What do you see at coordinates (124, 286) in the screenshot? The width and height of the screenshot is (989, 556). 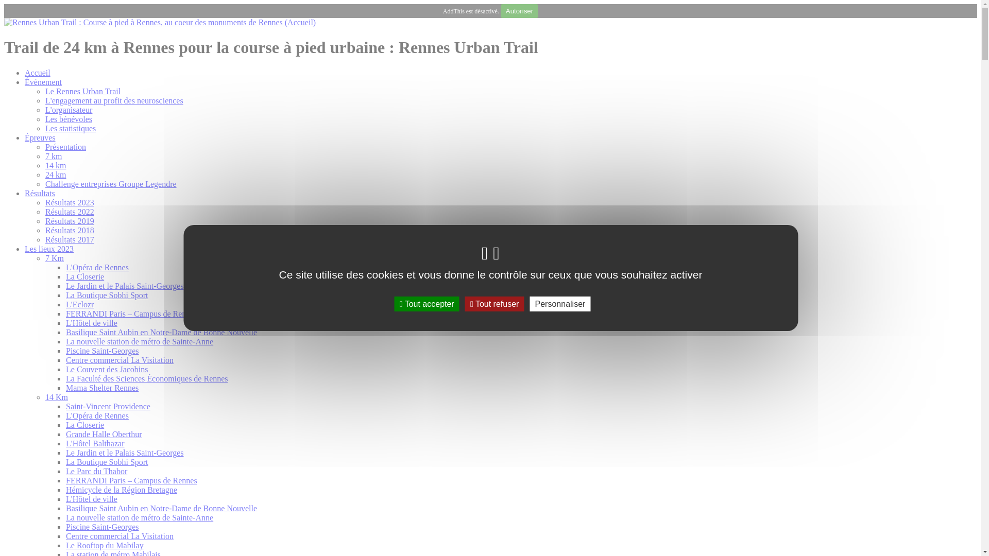 I see `'Le Jardin et le Palais Saint-Georges'` at bounding box center [124, 286].